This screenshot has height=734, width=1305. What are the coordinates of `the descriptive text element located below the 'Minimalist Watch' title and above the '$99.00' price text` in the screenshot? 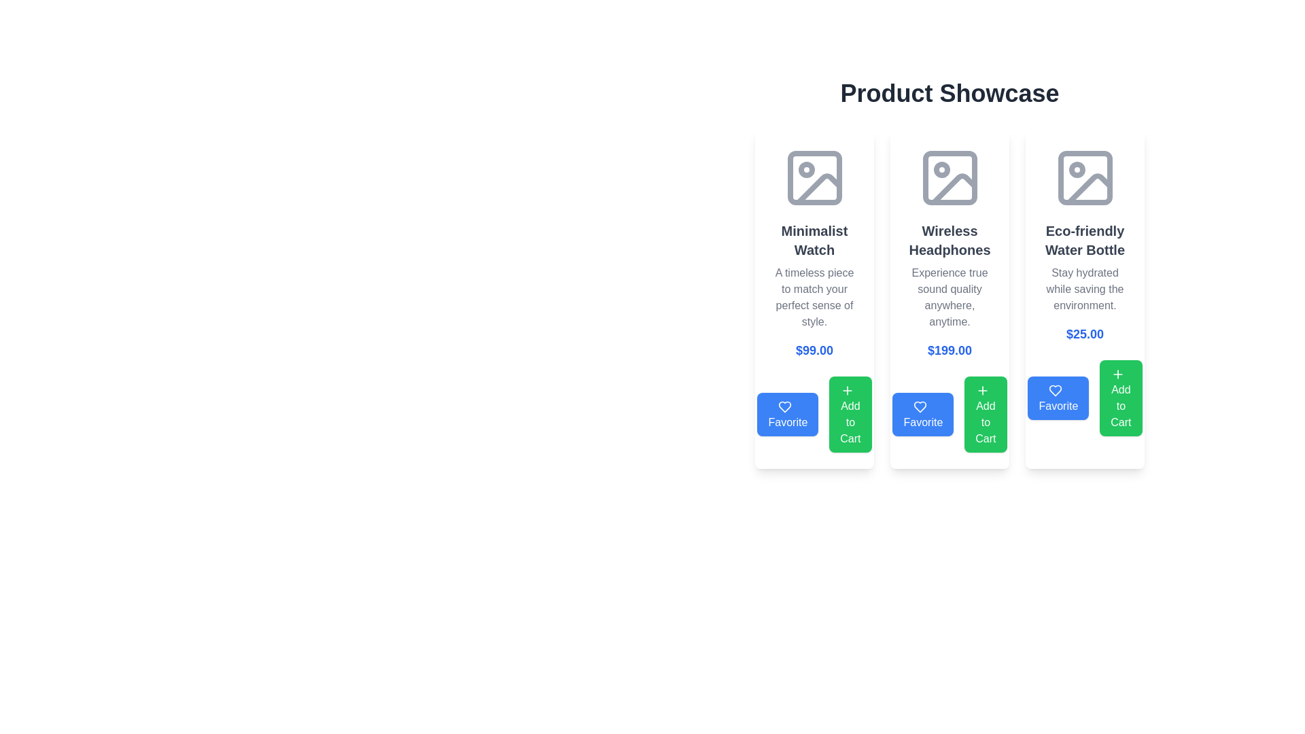 It's located at (814, 297).